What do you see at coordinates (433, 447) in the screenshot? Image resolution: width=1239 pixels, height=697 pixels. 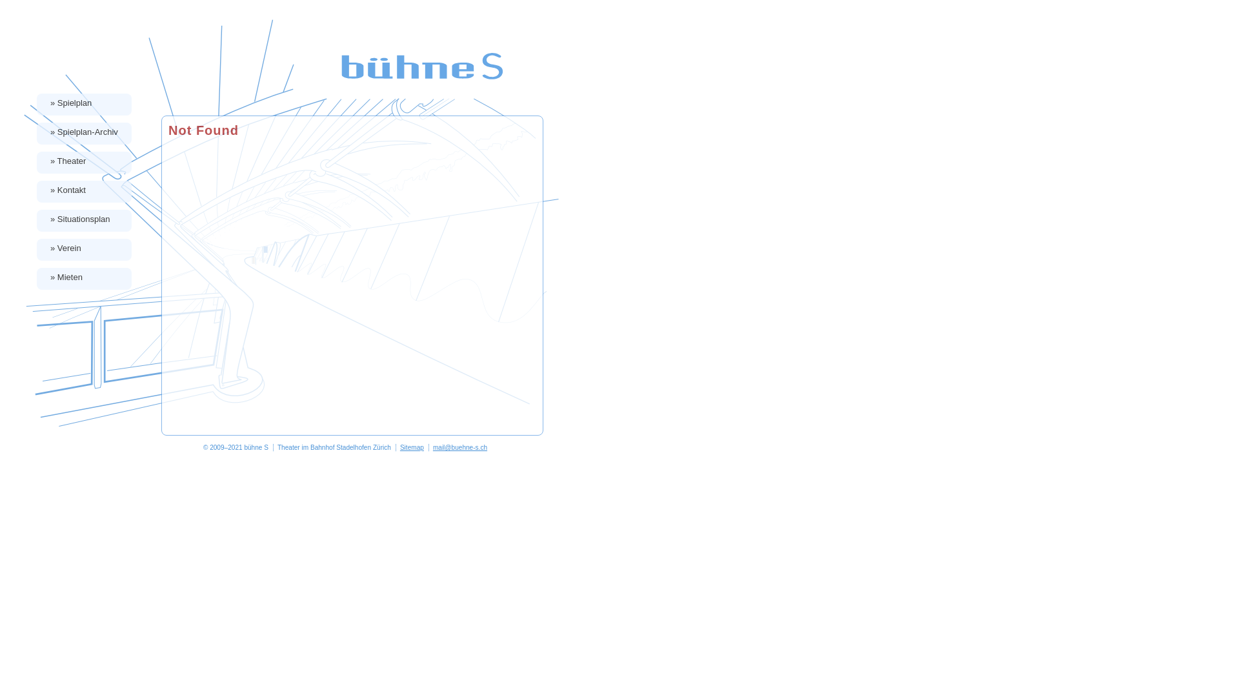 I see `'mail@buehne-s.ch'` at bounding box center [433, 447].